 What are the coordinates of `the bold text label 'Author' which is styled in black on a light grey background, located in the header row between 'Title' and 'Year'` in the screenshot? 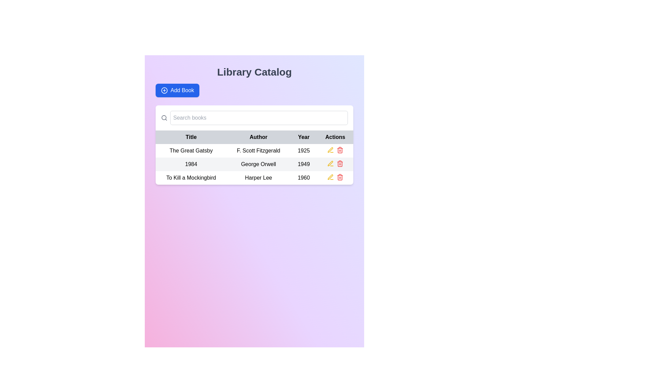 It's located at (258, 137).